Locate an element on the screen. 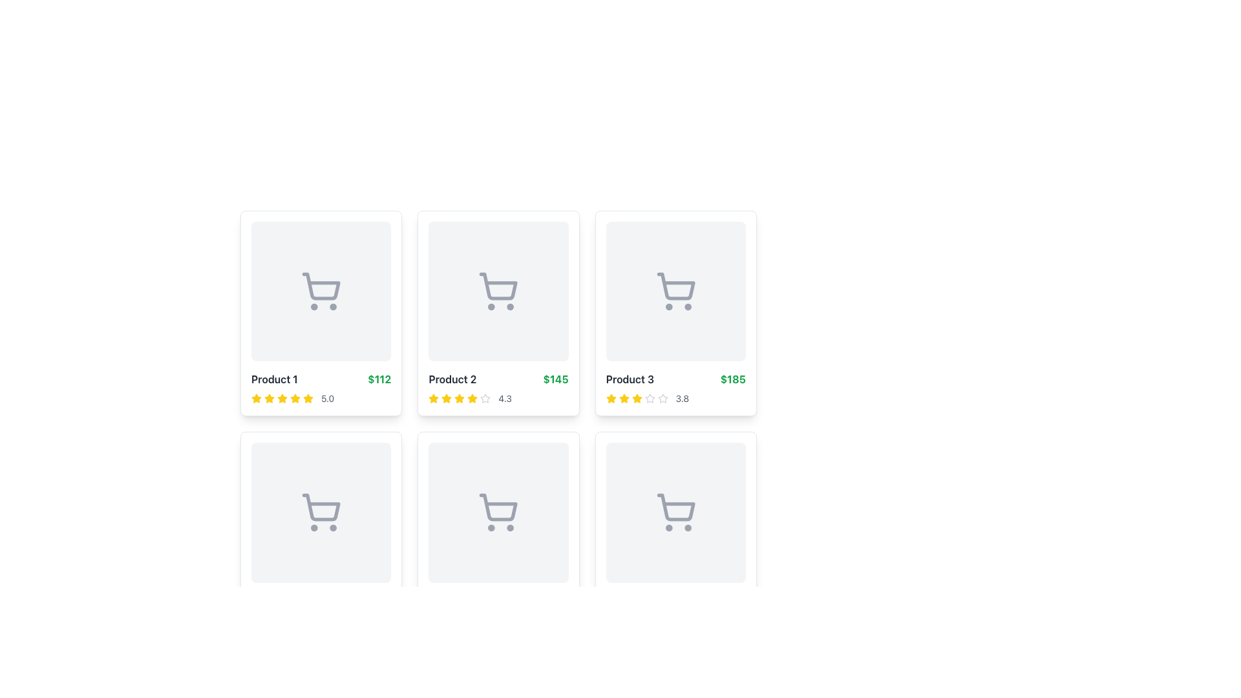 Image resolution: width=1241 pixels, height=698 pixels. the fourth star icon in the product rating system, which visually represents the fourth star in a five-star grading system, located next to the rating number (5.0) is located at coordinates (281, 398).